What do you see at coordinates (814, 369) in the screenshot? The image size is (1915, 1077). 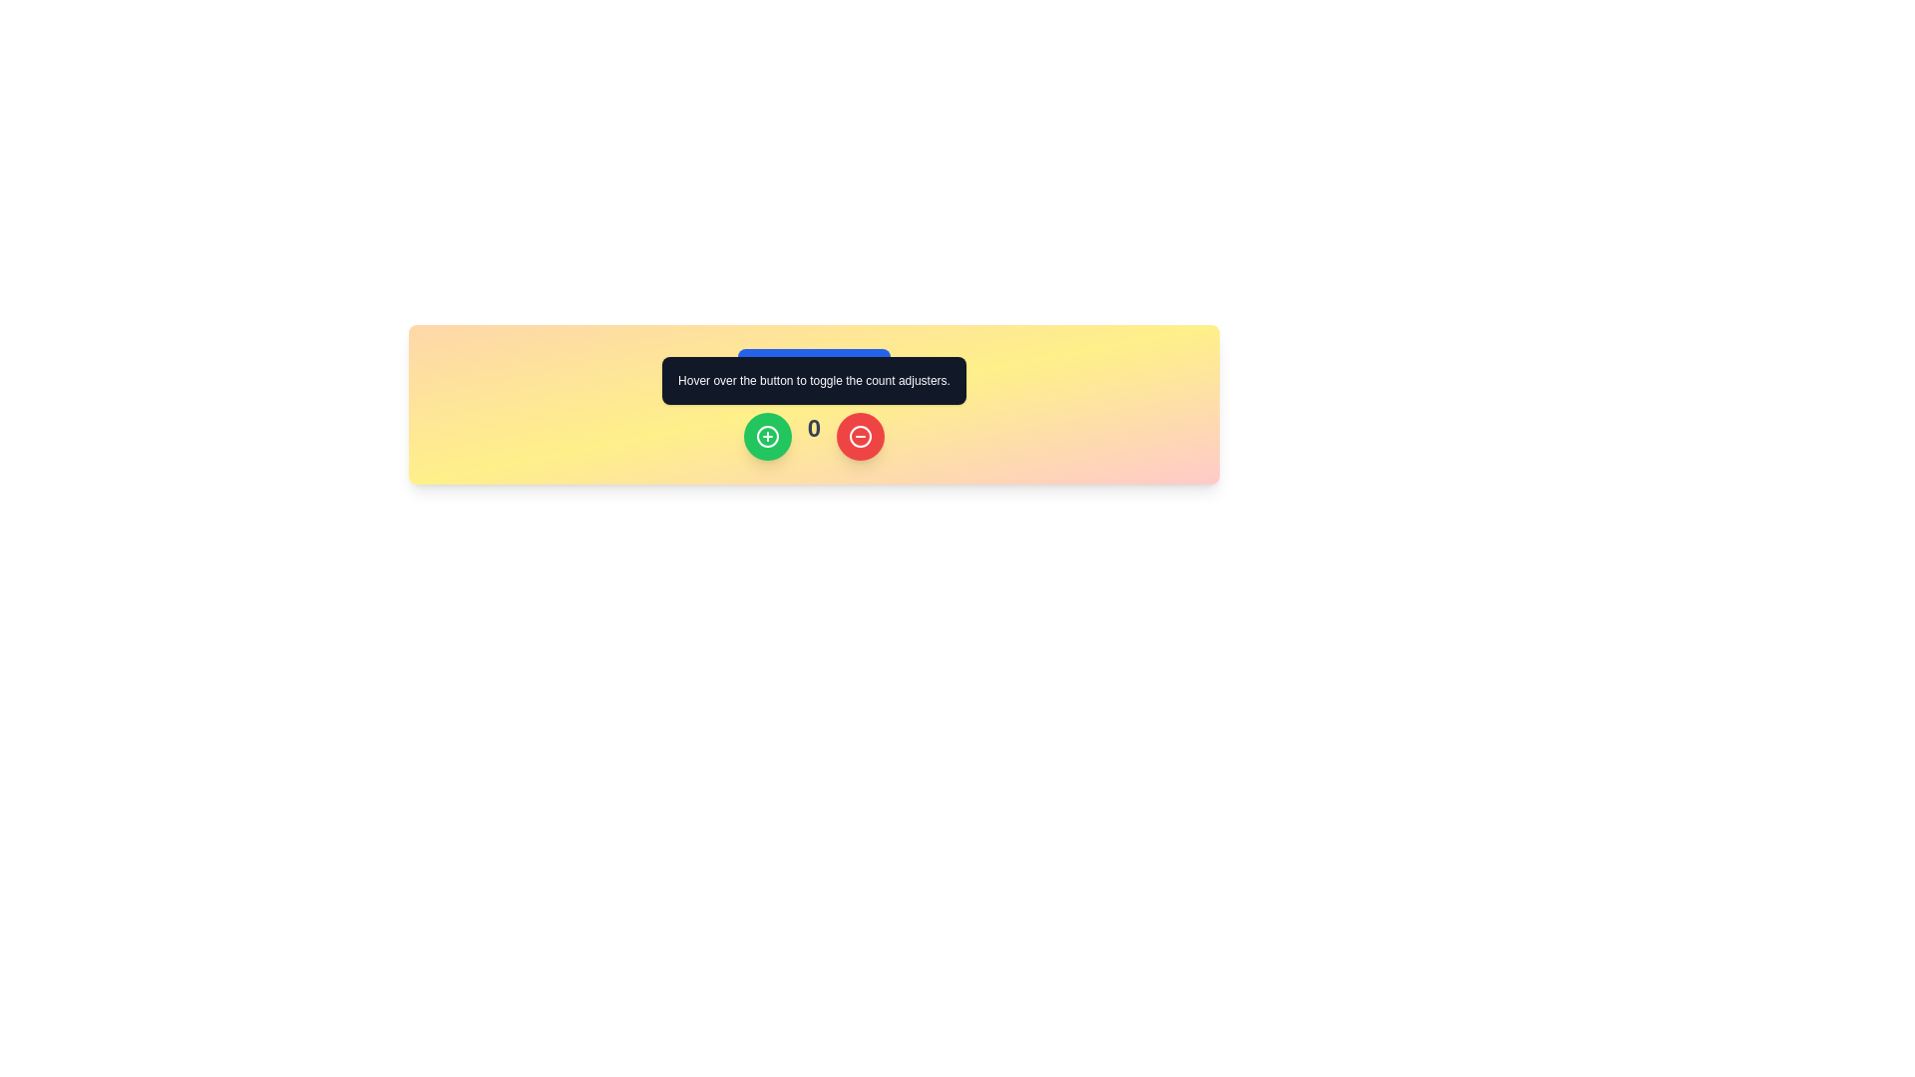 I see `the 'Tooltip Trigger' button, which has a blue background and white text, located in the middle section of the user interface` at bounding box center [814, 369].